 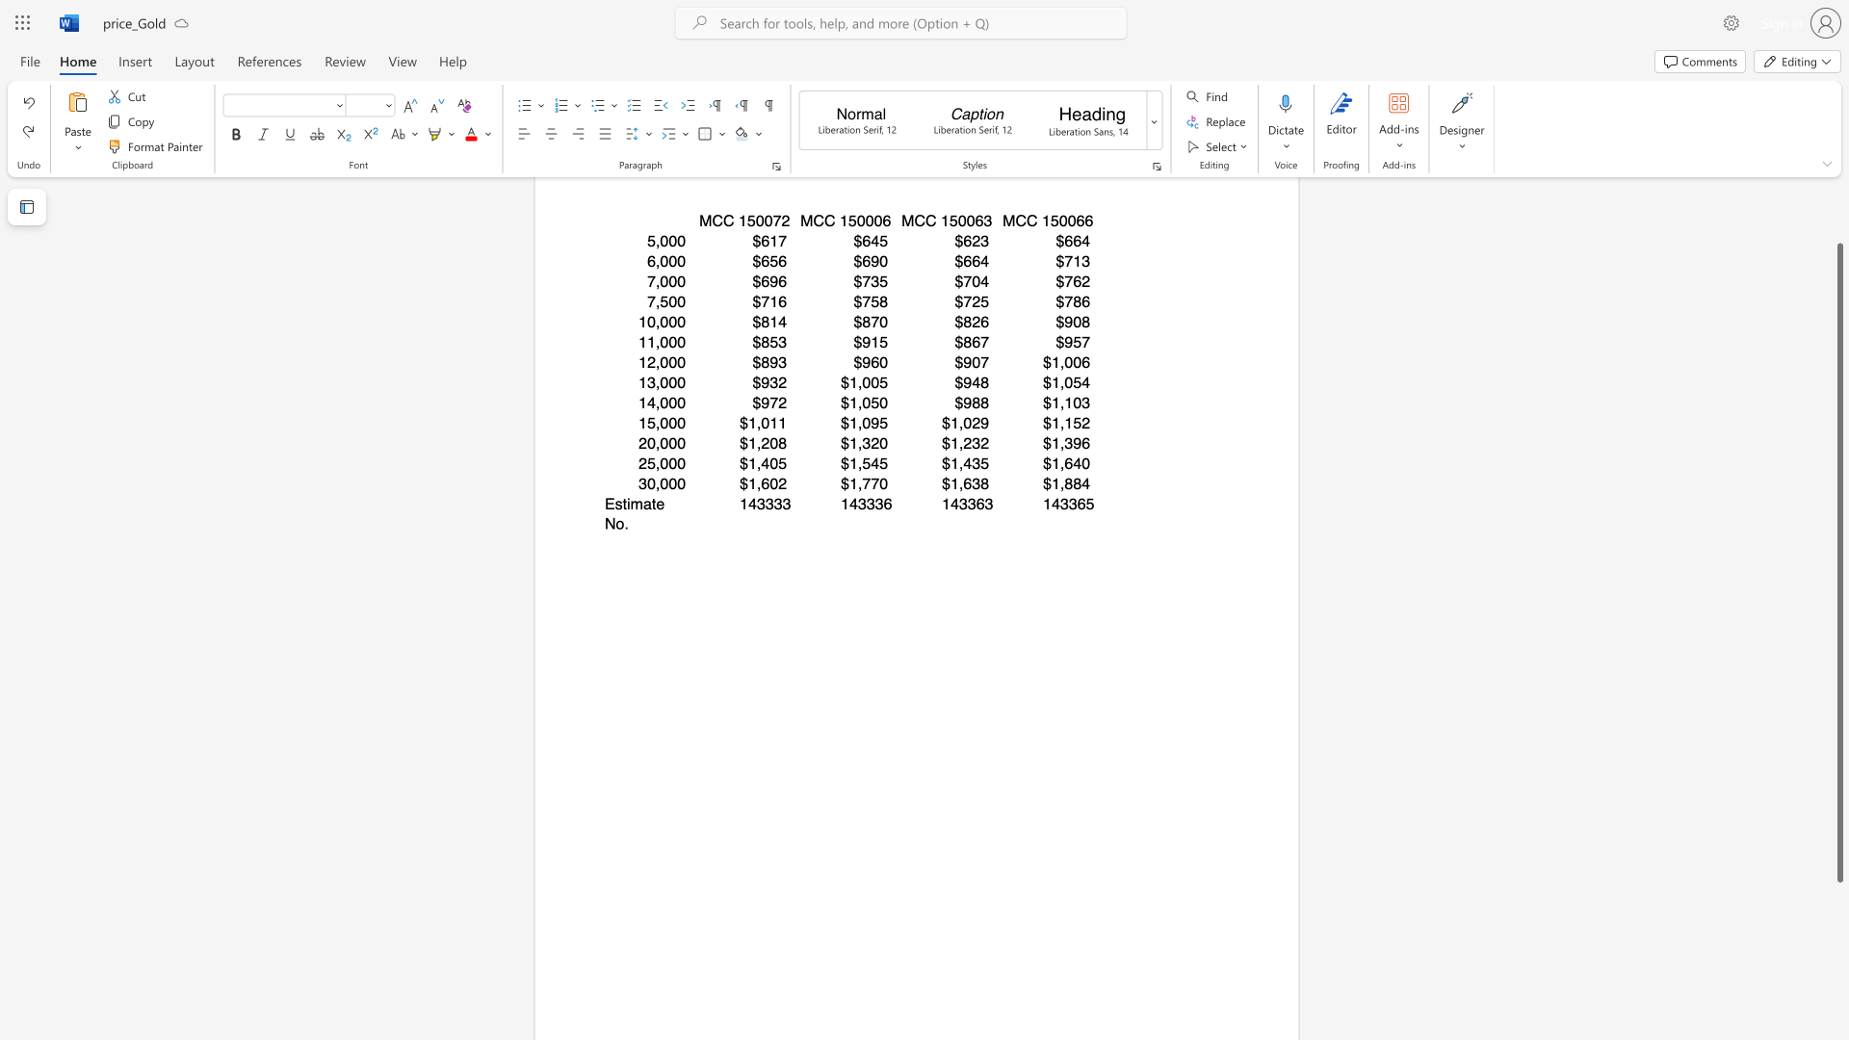 What do you see at coordinates (1838, 562) in the screenshot?
I see `the scrollbar and move up 80 pixels` at bounding box center [1838, 562].